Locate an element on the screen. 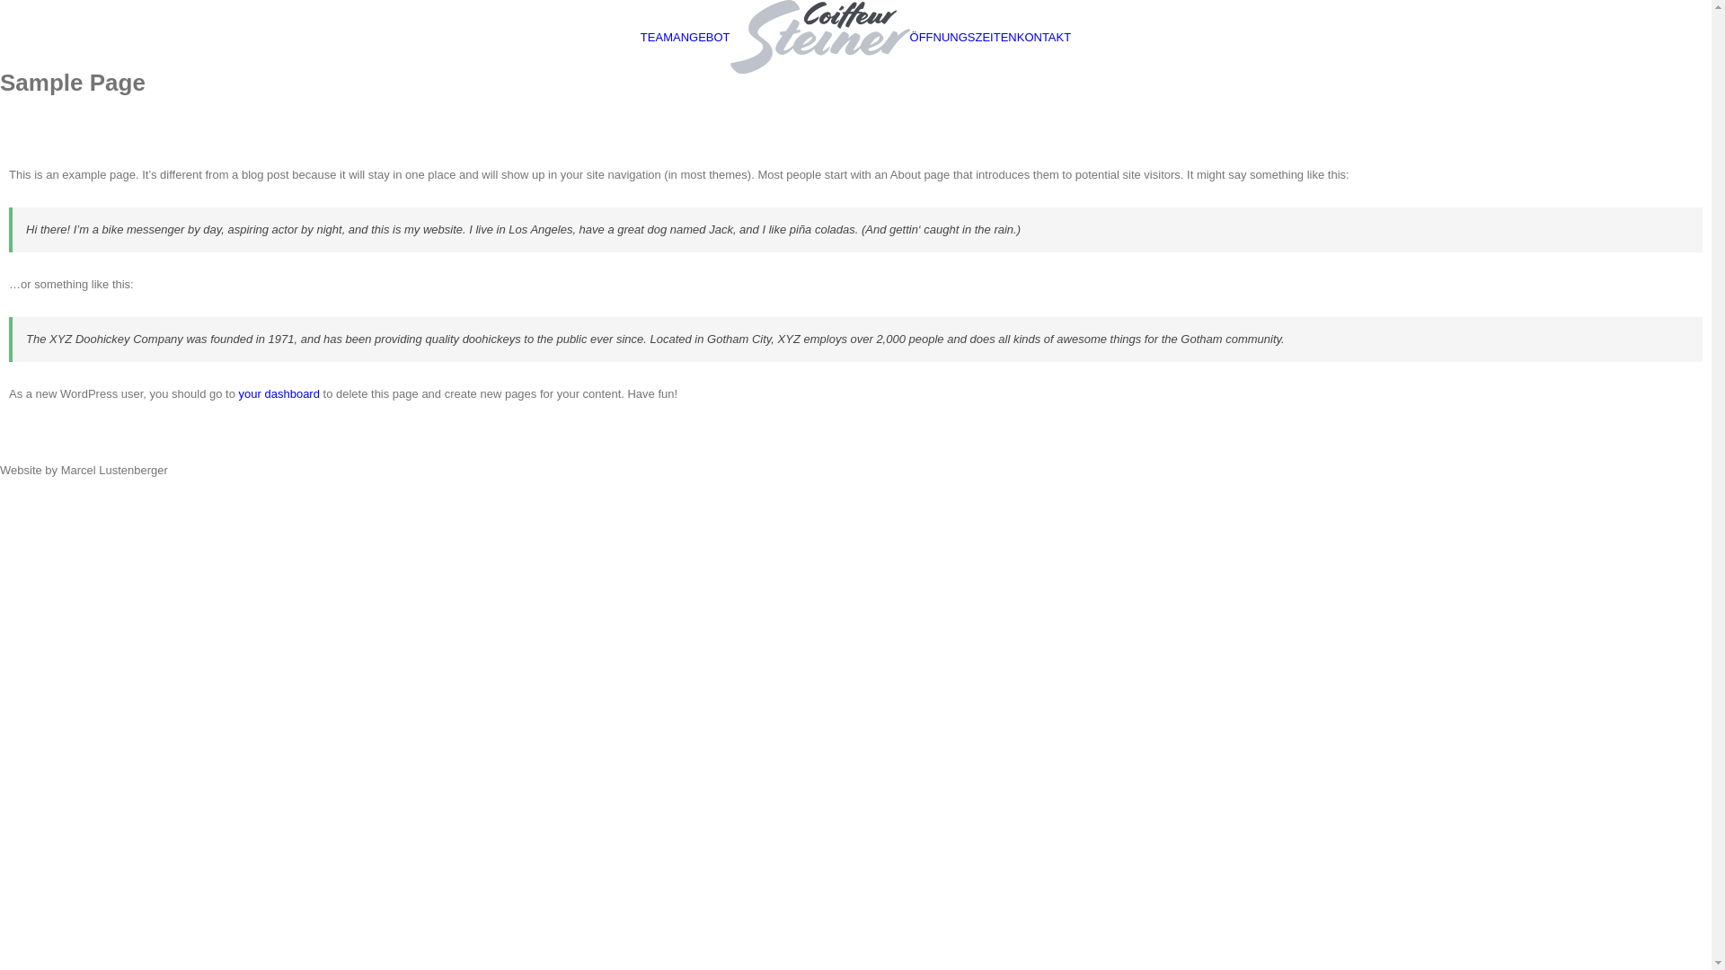 The height and width of the screenshot is (970, 1725). 'KONTAKT' is located at coordinates (1043, 36).